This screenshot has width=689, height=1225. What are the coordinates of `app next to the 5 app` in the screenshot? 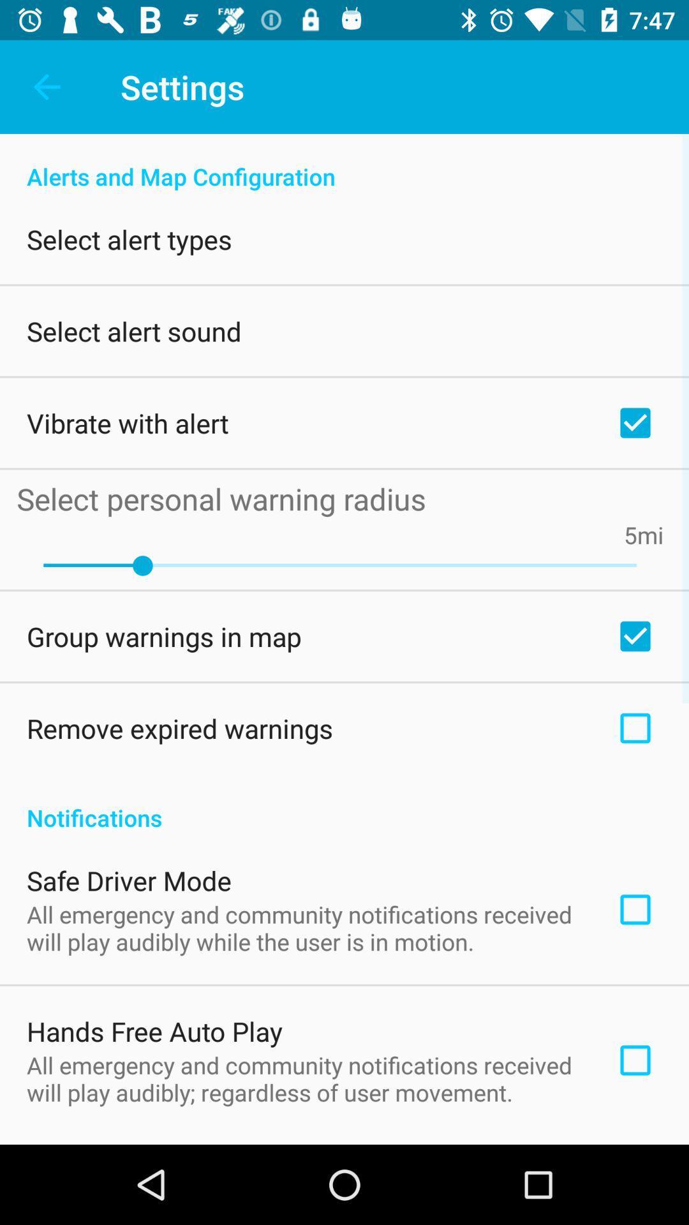 It's located at (650, 535).